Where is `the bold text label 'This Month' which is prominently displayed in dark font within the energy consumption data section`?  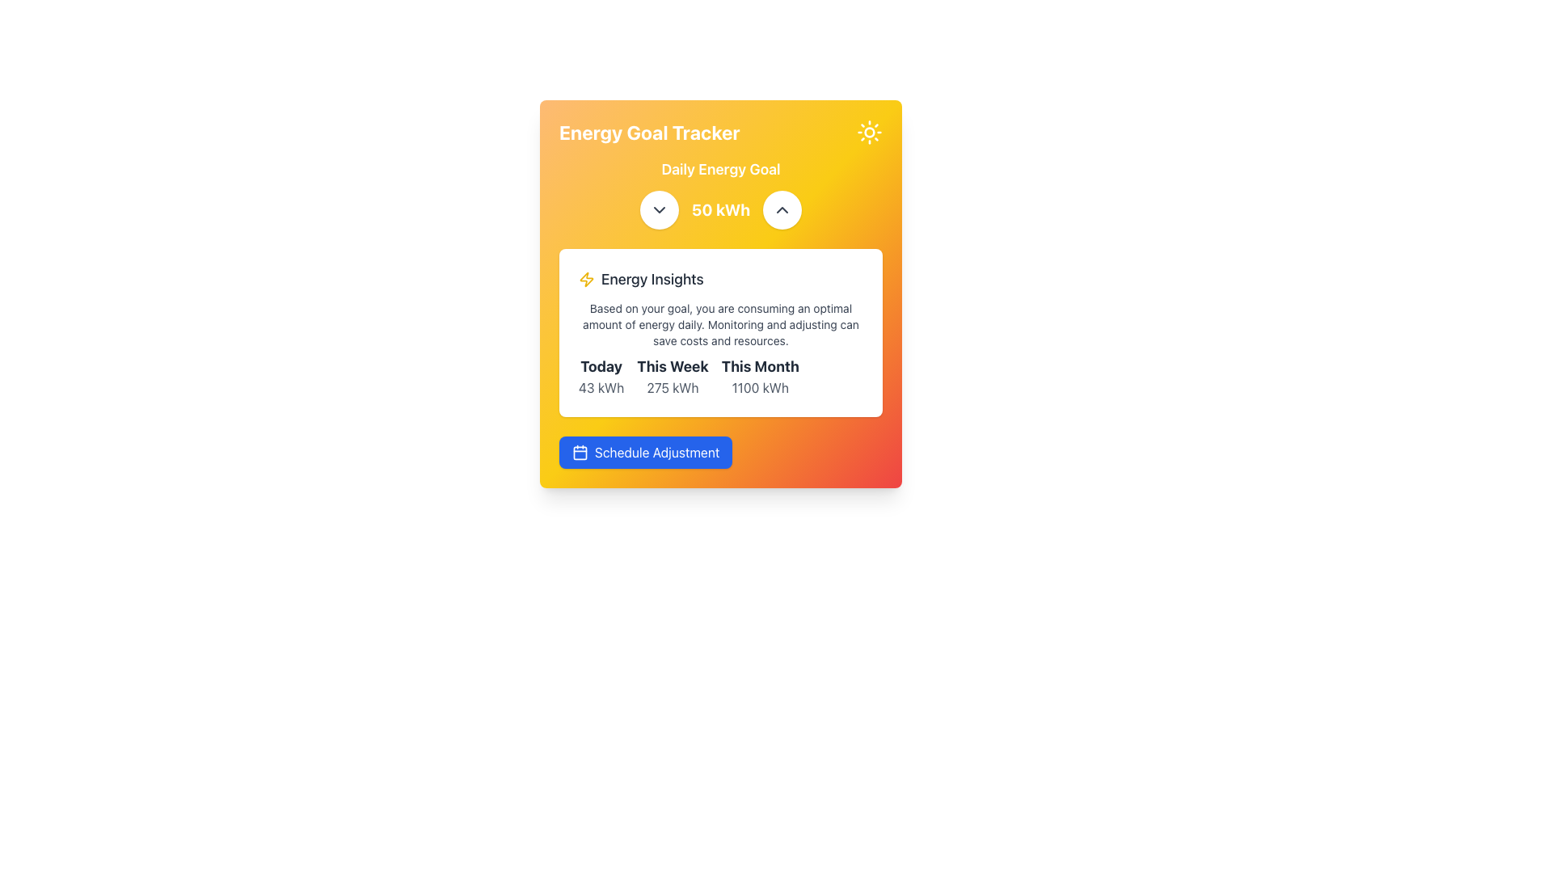 the bold text label 'This Month' which is prominently displayed in dark font within the energy consumption data section is located at coordinates (759, 367).